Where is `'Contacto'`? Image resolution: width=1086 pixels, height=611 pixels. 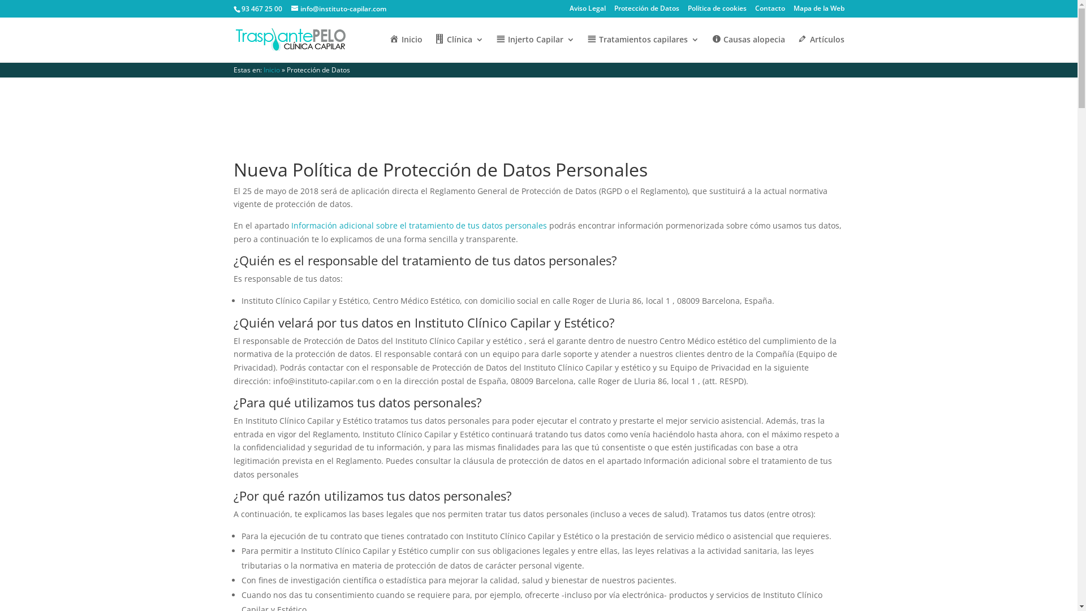
'Contacto' is located at coordinates (769, 11).